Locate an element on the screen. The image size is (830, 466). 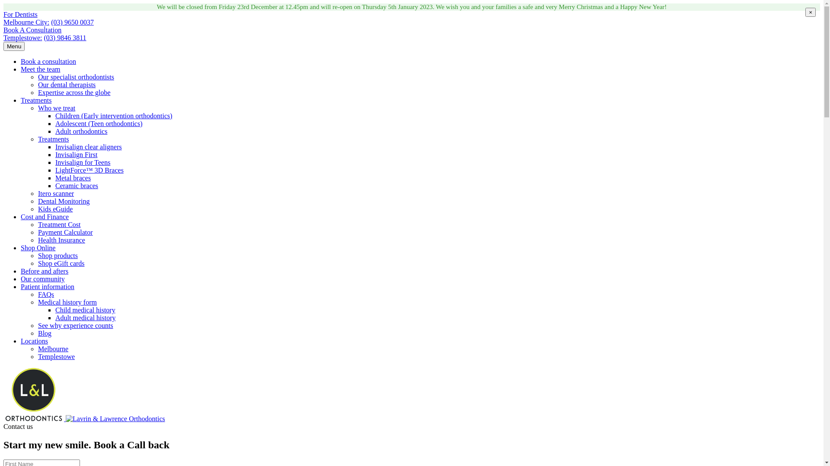
'Book A Consultation' is located at coordinates (3, 29).